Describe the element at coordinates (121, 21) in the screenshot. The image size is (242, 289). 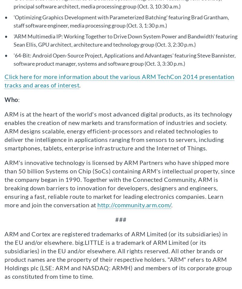
I see `''Optimizing Graphics Development with Parameterized Batching' featuring Brad Grantham, staff software engineer, media processing group (Oct. 3, 1:30 p.m.)'` at that location.